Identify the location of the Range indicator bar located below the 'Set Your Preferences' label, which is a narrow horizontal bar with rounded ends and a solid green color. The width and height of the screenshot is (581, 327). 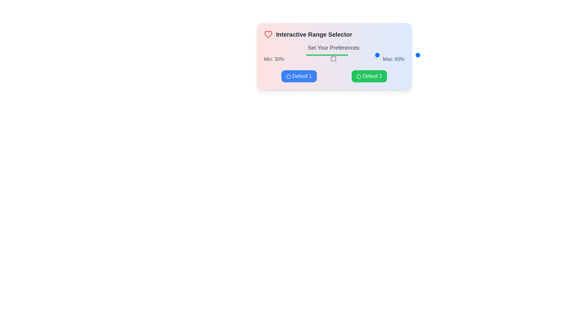
(327, 55).